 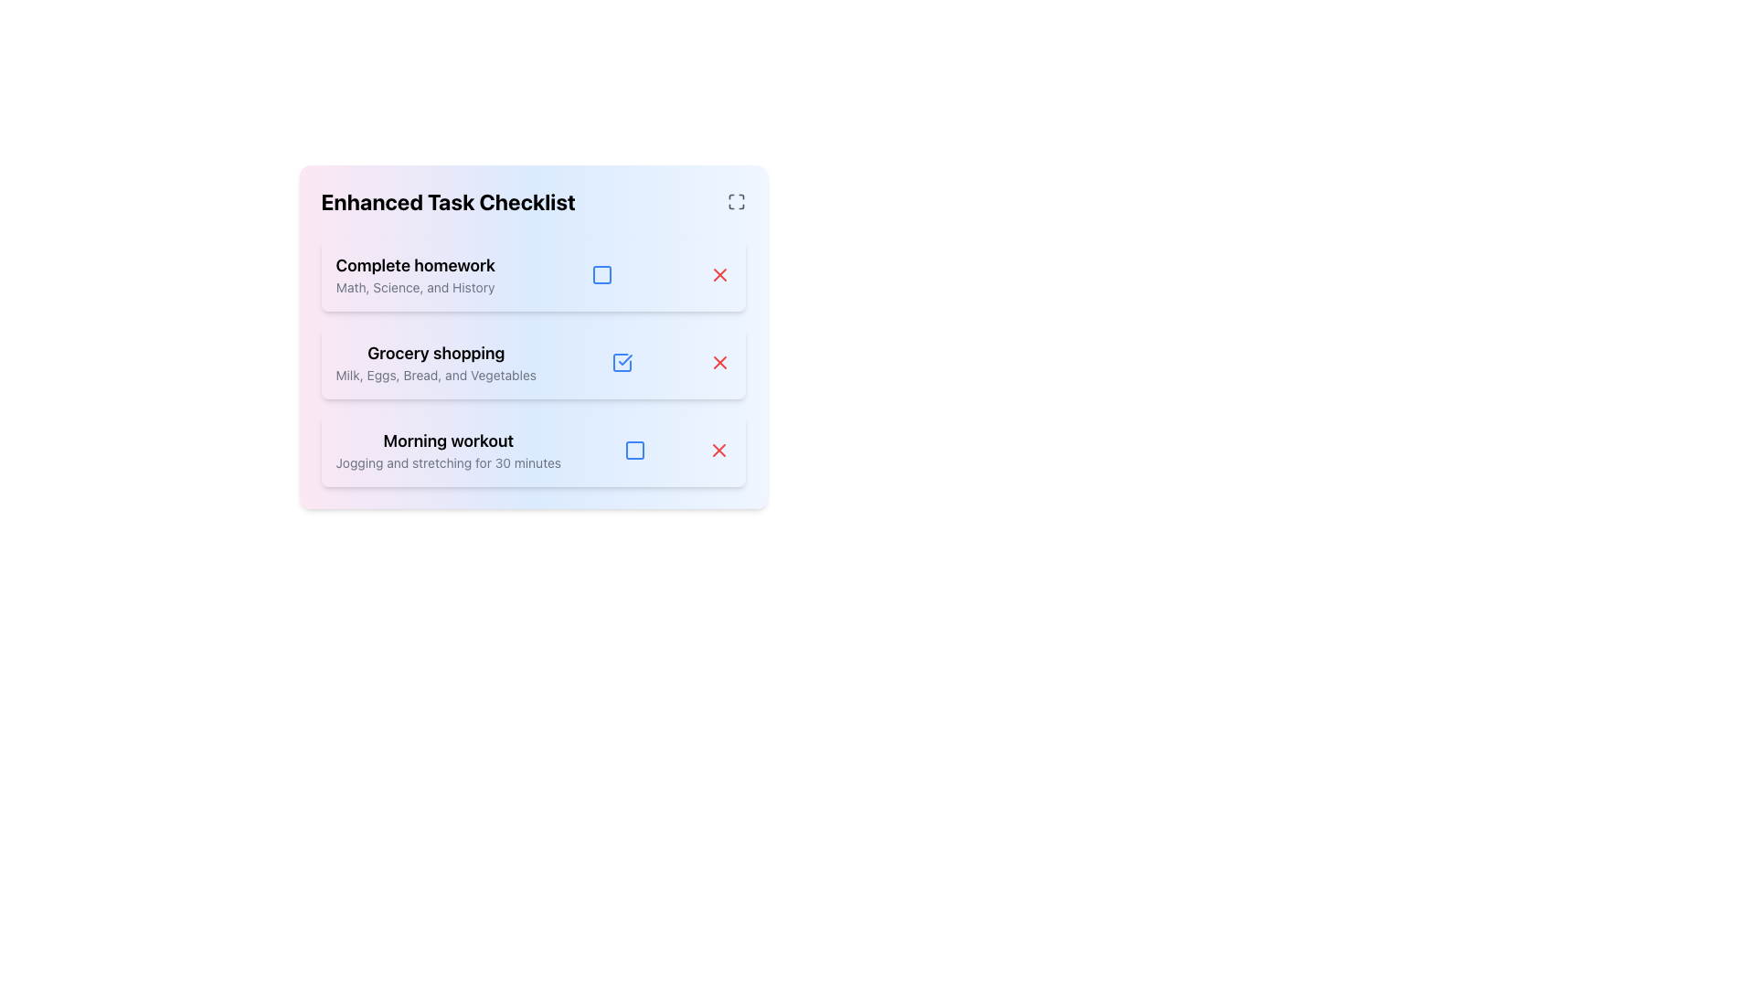 I want to click on the cross icon on the right side of the 'Grocery shopping' item in the checklist, so click(x=718, y=363).